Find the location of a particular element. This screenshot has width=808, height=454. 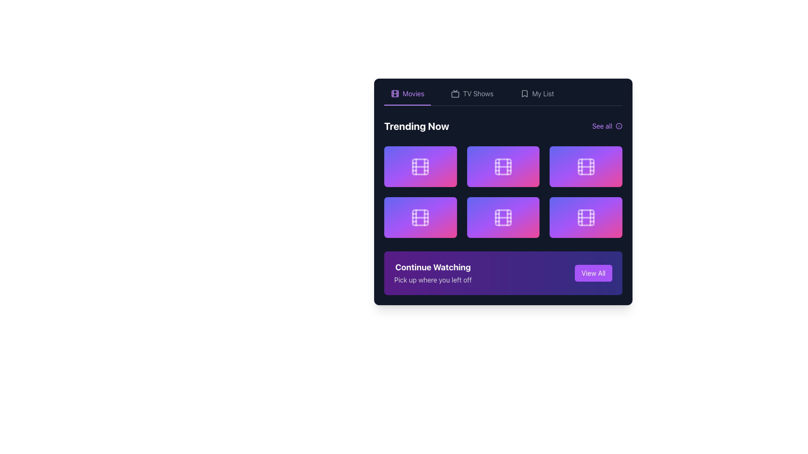

the circular graphical component within the SVG that serves as an icon for additional information, located at the top-right corner of the interface adjacent to the 'See all' text label is located at coordinates (619, 126).